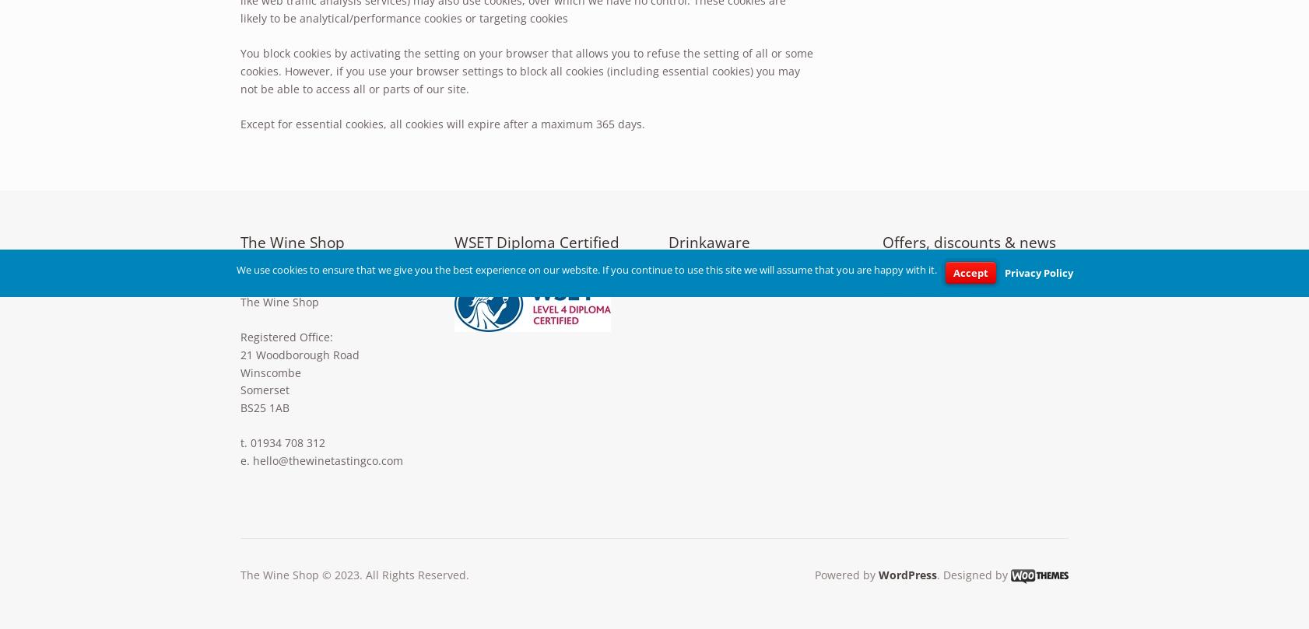 The height and width of the screenshot is (629, 1309). What do you see at coordinates (845, 574) in the screenshot?
I see `'Powered by'` at bounding box center [845, 574].